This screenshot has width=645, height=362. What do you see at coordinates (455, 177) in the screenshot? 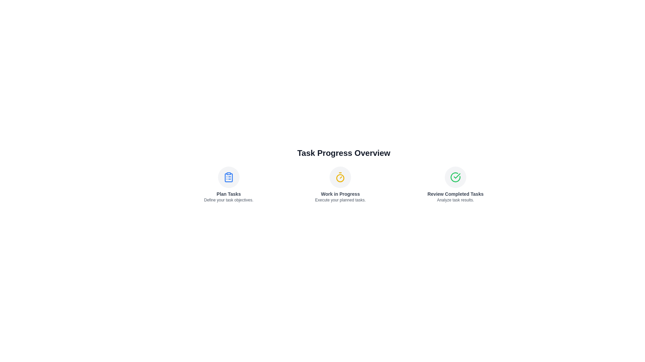
I see `the icon of the step Review Completed Tasks` at bounding box center [455, 177].